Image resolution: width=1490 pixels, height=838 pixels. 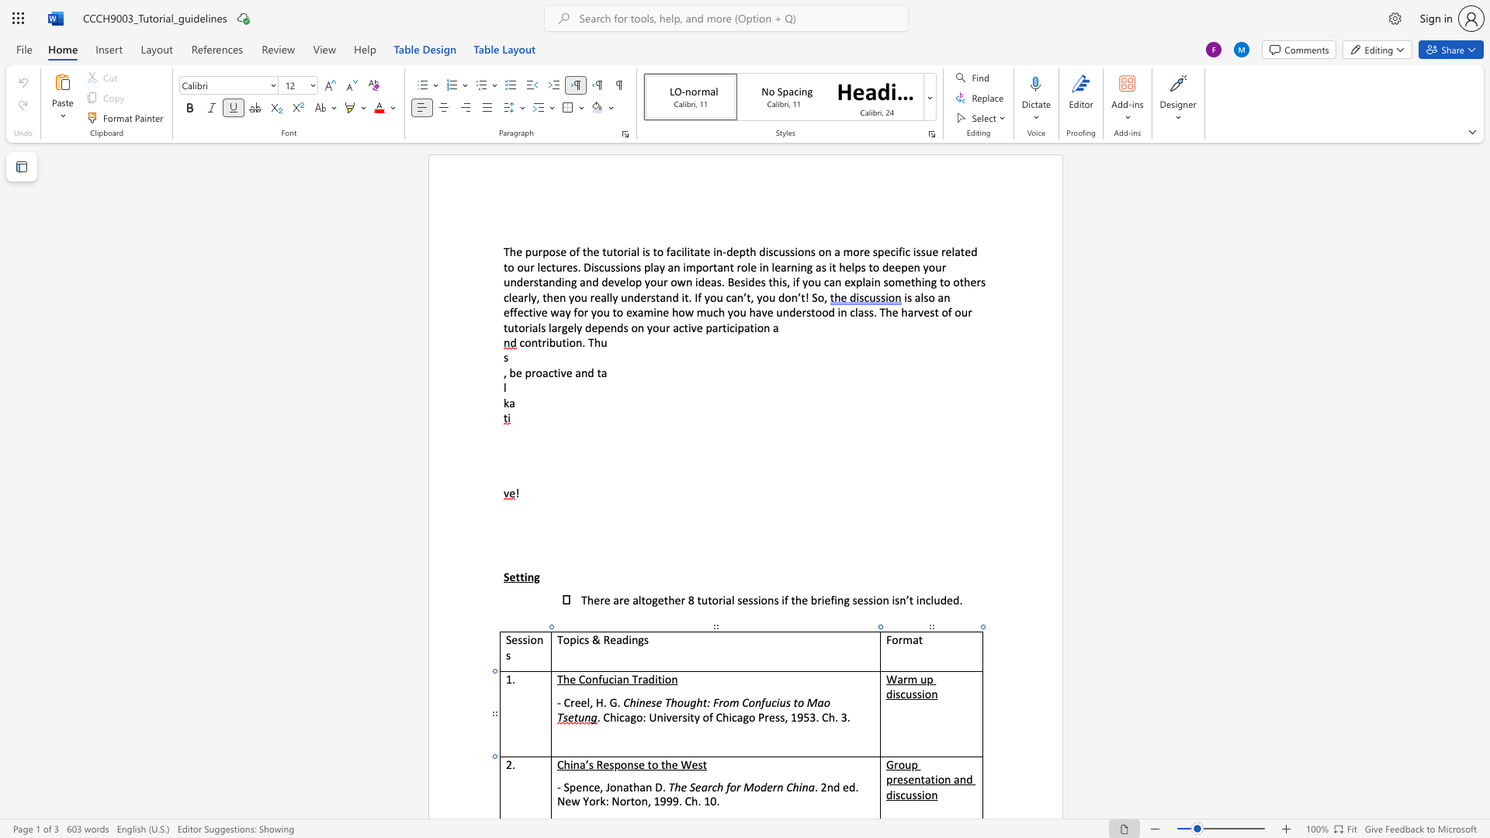 What do you see at coordinates (674, 764) in the screenshot?
I see `the 3th character "e" in the text` at bounding box center [674, 764].